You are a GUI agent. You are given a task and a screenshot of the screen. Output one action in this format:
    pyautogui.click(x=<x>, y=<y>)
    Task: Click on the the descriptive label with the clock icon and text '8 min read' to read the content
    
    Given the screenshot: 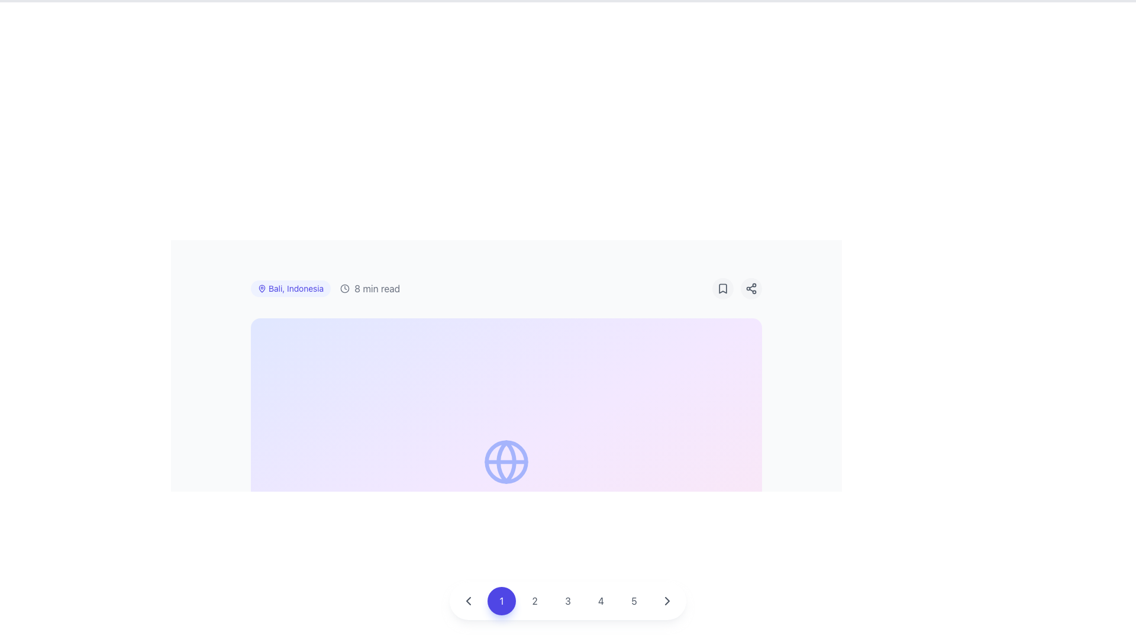 What is the action you would take?
    pyautogui.click(x=369, y=289)
    